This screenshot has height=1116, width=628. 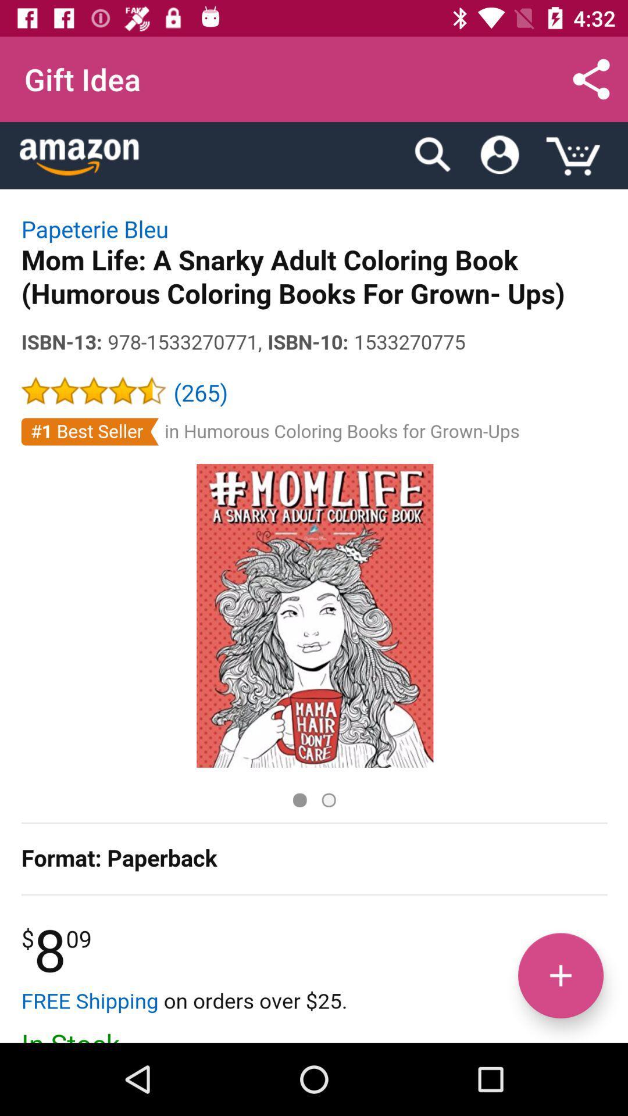 I want to click on click add button, so click(x=560, y=975).